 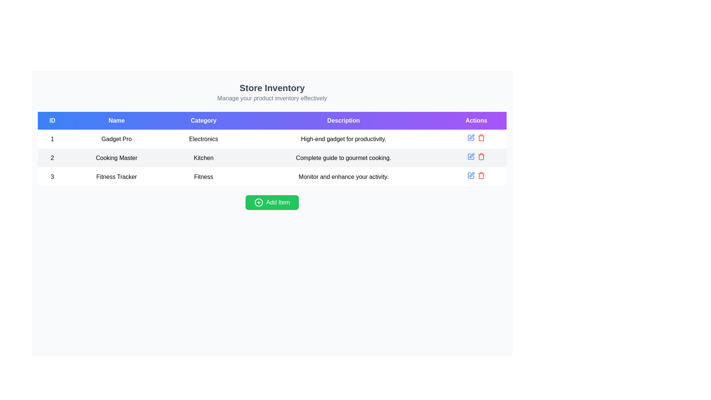 I want to click on the blue pen icon in the 'Actions' column for the 'Fitness Tracker' row, so click(x=471, y=176).